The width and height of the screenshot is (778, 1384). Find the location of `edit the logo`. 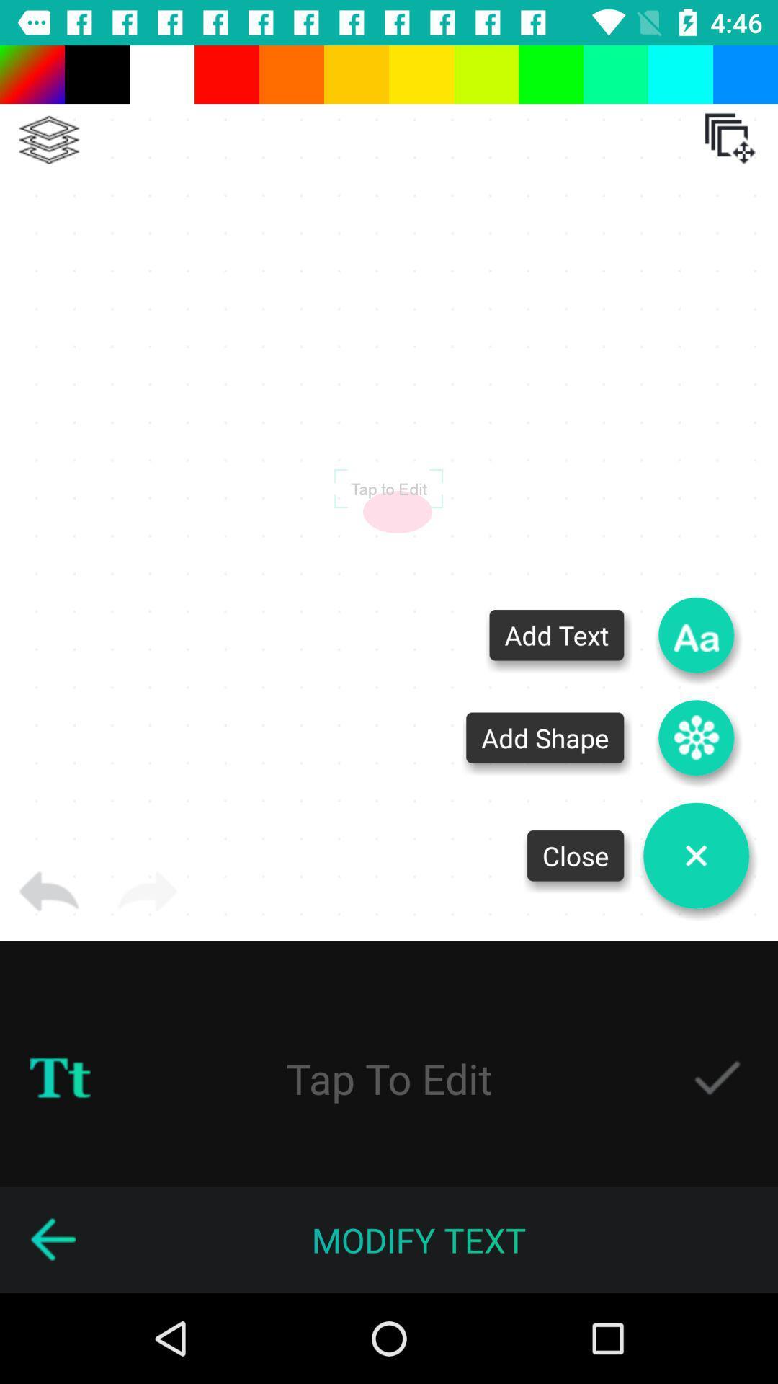

edit the logo is located at coordinates (389, 1078).